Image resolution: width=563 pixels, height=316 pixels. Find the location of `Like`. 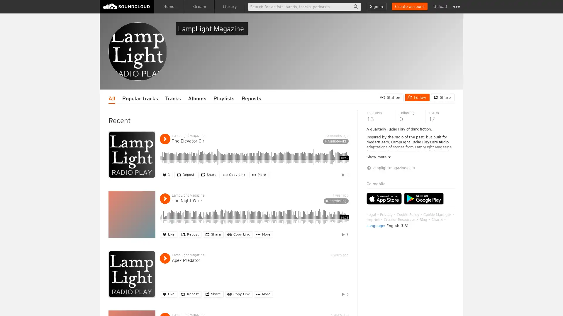

Like is located at coordinates (168, 294).